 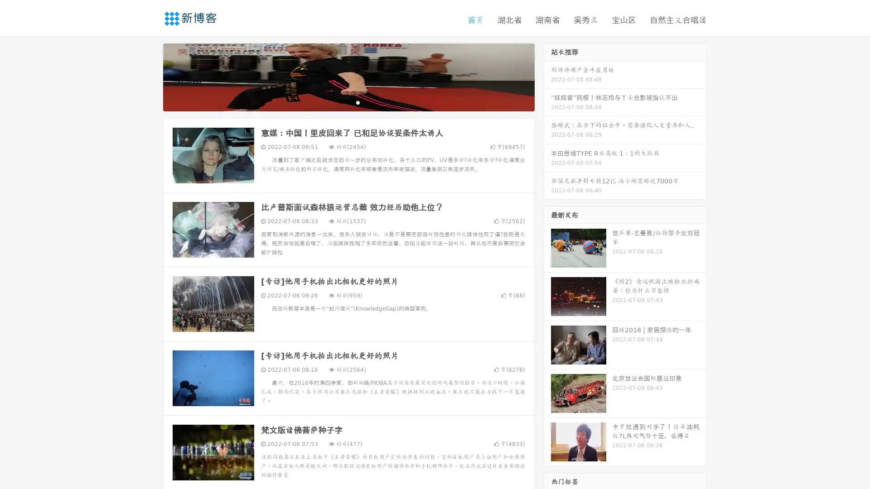 What do you see at coordinates (358, 102) in the screenshot?
I see `Go to slide 3` at bounding box center [358, 102].